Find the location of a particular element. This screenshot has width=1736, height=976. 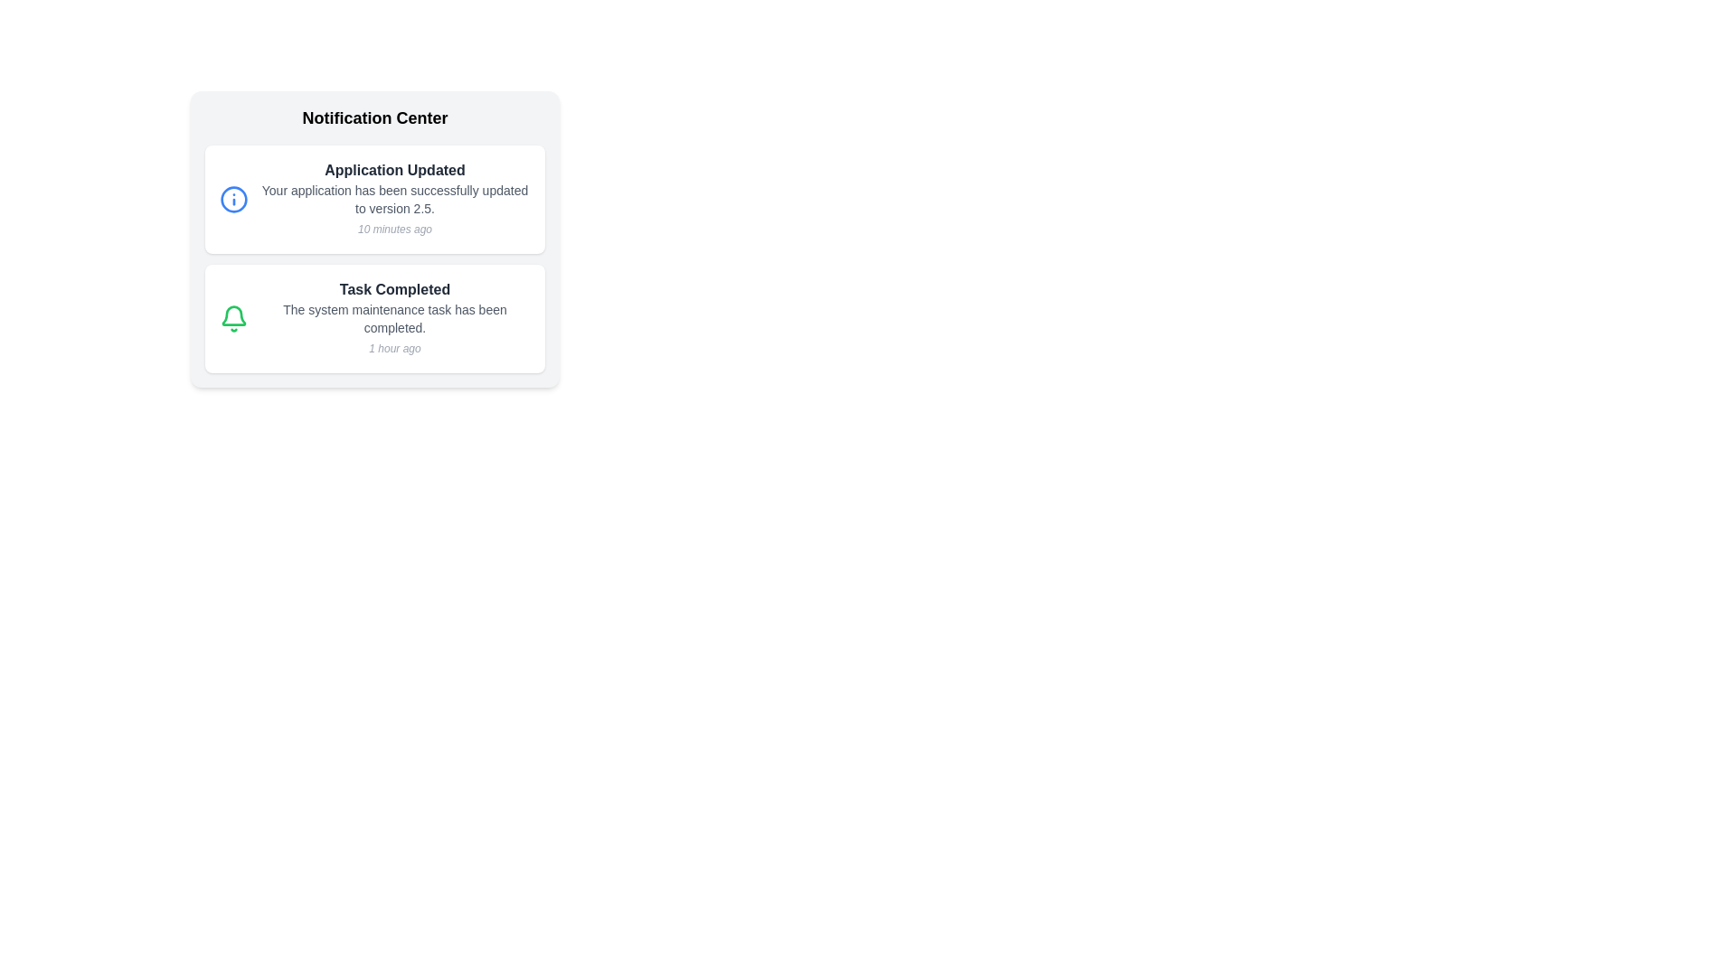

the content of the text label that serves as the title for the second notification card in the Notification Center, positioned near the top of this card is located at coordinates (393, 288).